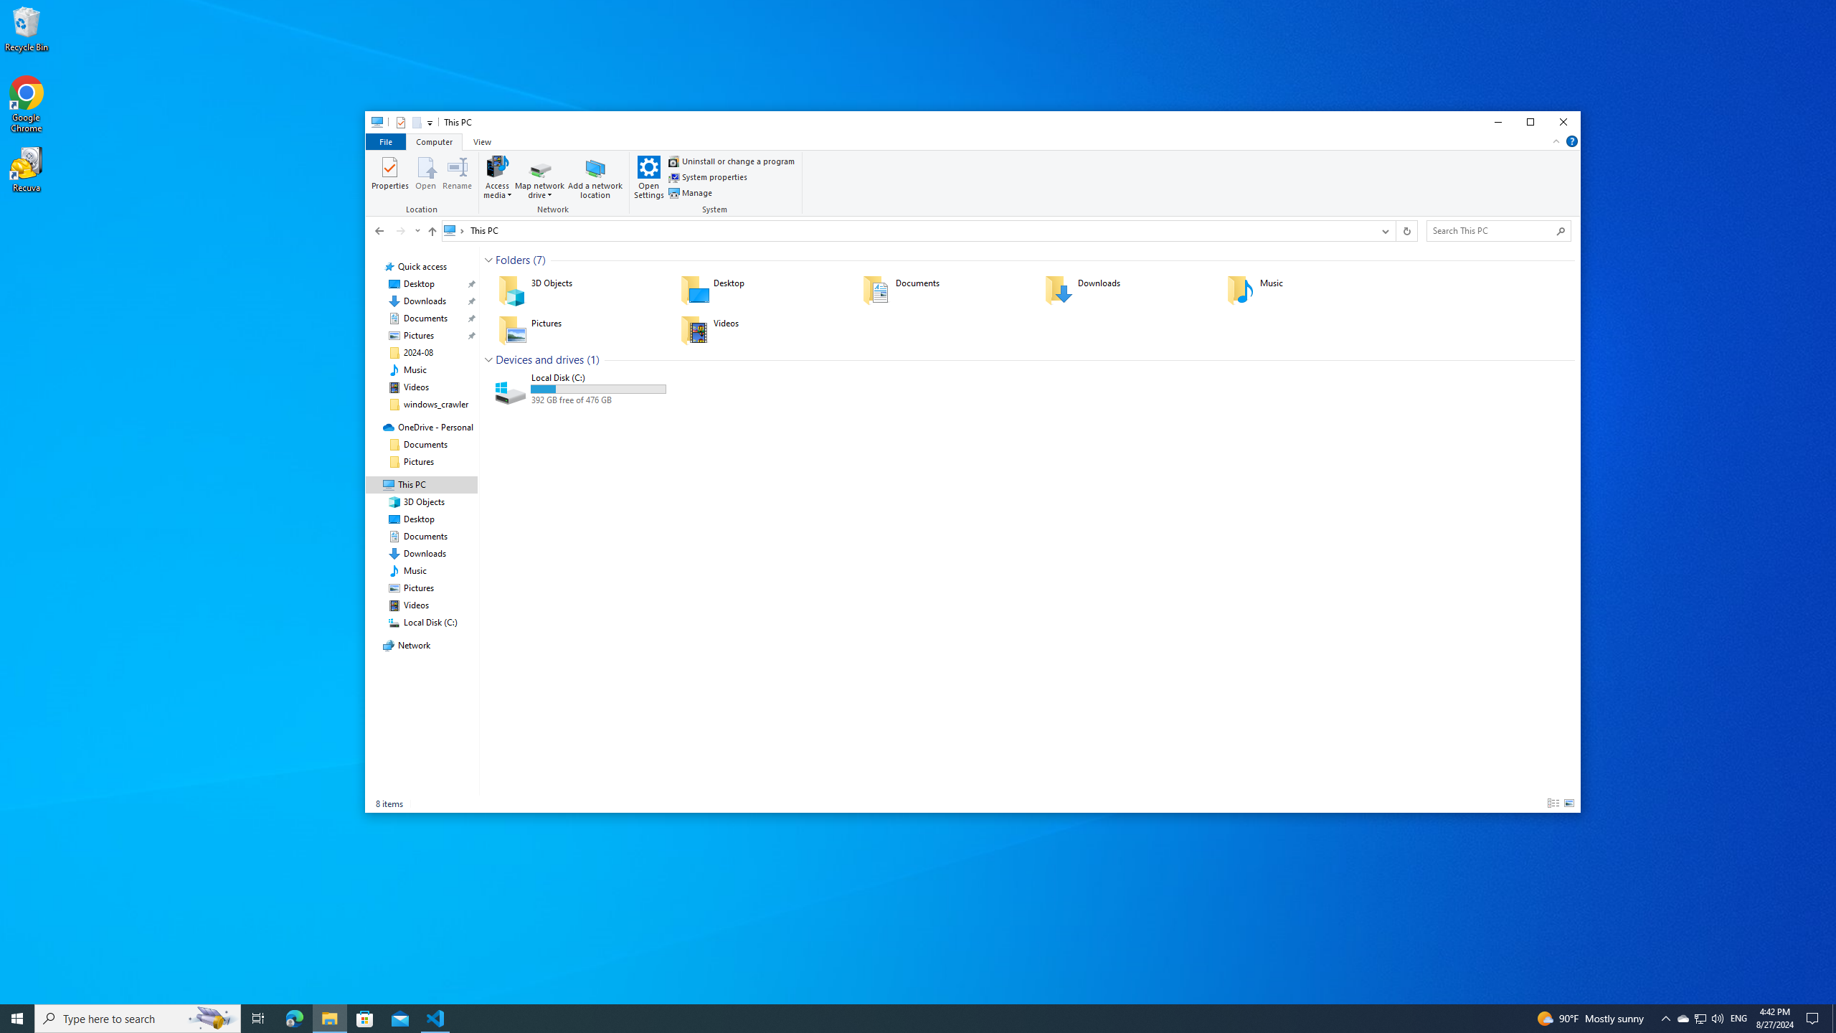 The height and width of the screenshot is (1033, 1836). I want to click on 'Desktop', so click(761, 288).